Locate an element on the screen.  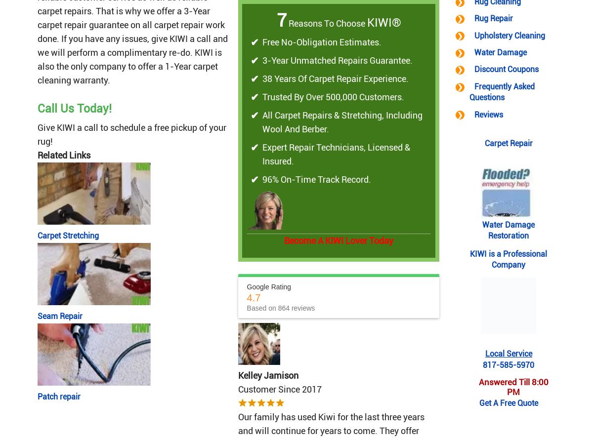
'Kelley Jamison' is located at coordinates (267, 374).